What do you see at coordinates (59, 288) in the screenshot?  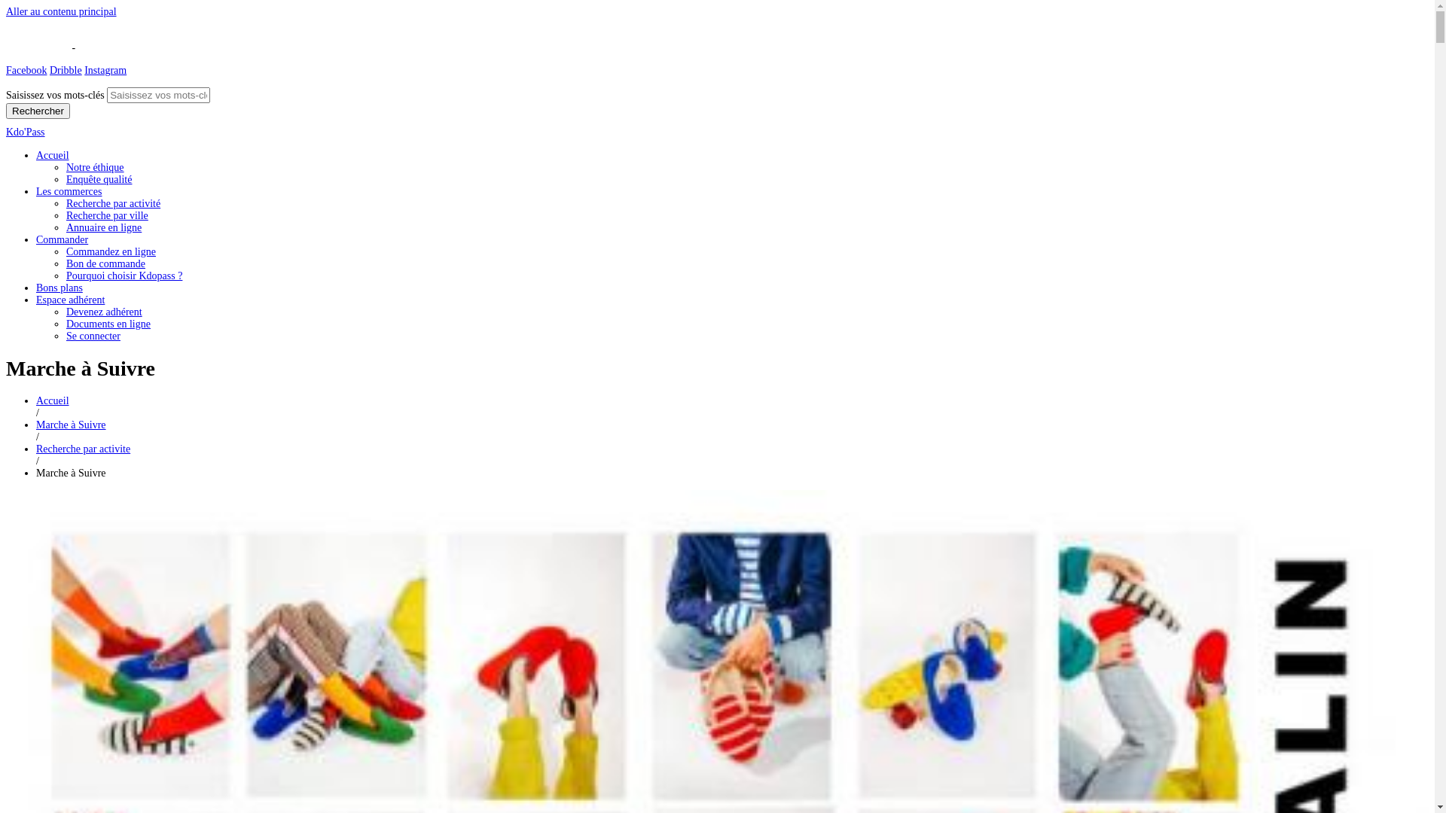 I see `'Bons plans'` at bounding box center [59, 288].